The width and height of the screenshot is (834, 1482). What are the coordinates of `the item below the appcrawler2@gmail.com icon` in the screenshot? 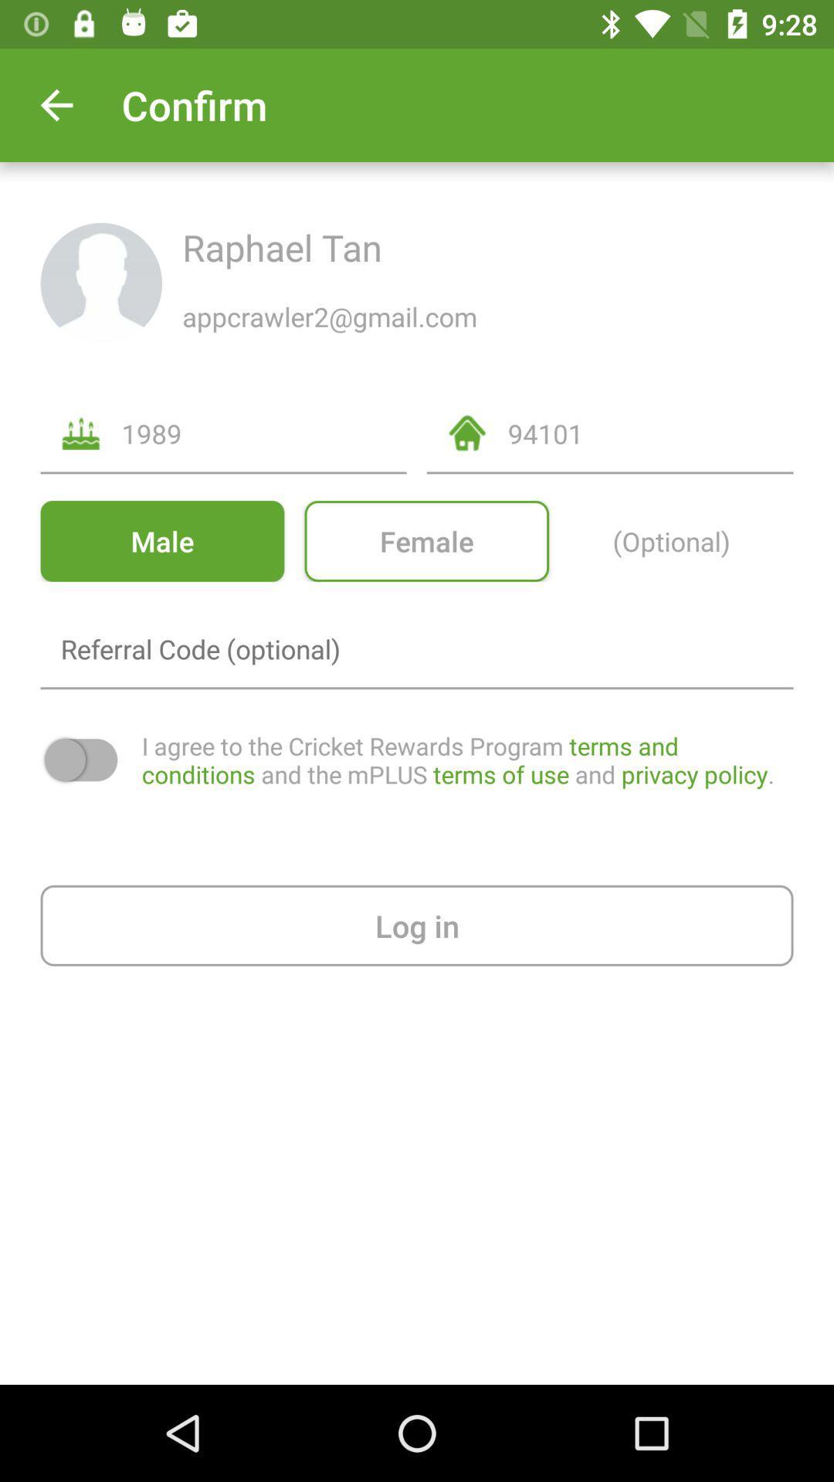 It's located at (650, 432).